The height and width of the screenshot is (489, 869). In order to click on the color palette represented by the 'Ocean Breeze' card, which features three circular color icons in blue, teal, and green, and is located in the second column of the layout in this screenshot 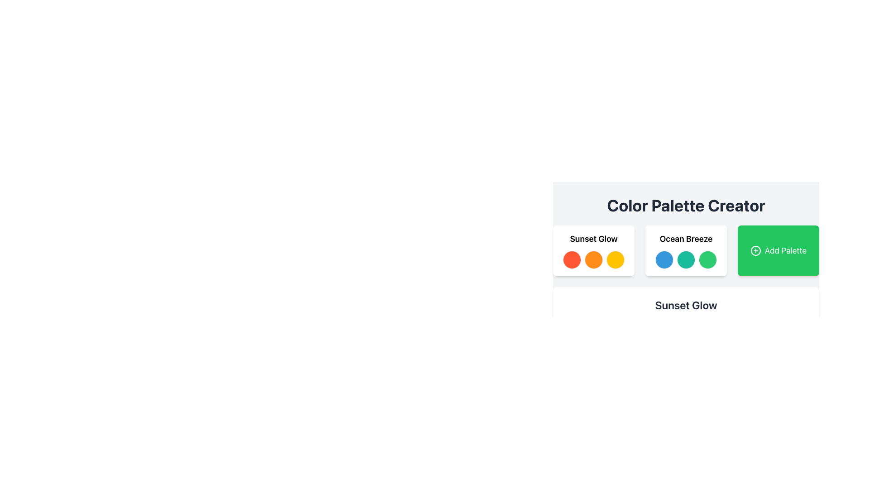, I will do `click(686, 251)`.